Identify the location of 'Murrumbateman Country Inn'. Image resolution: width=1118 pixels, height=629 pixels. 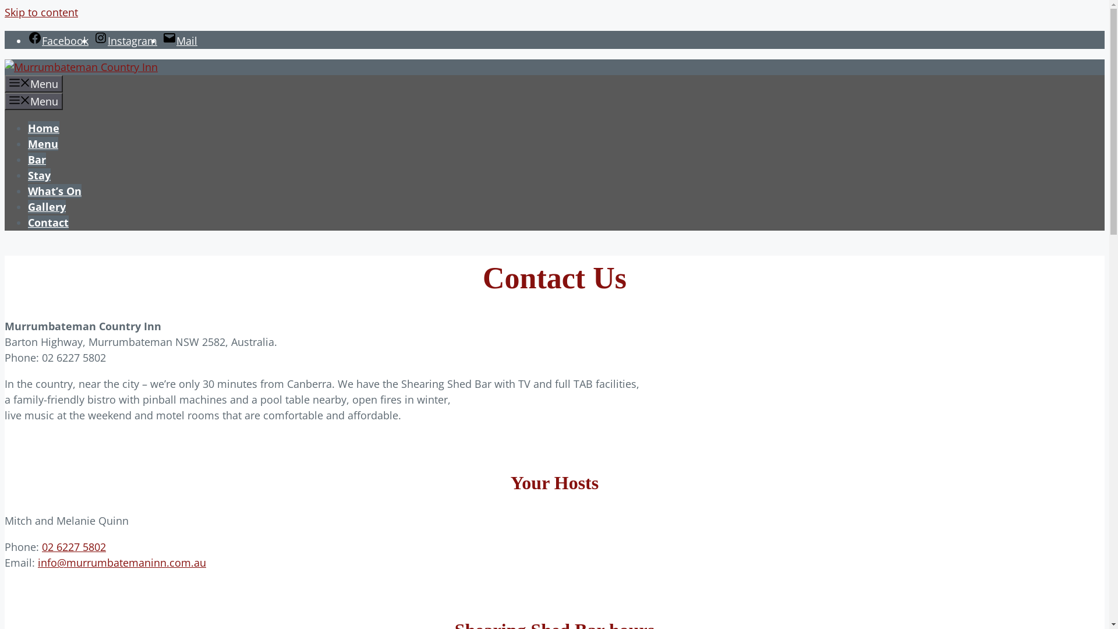
(80, 67).